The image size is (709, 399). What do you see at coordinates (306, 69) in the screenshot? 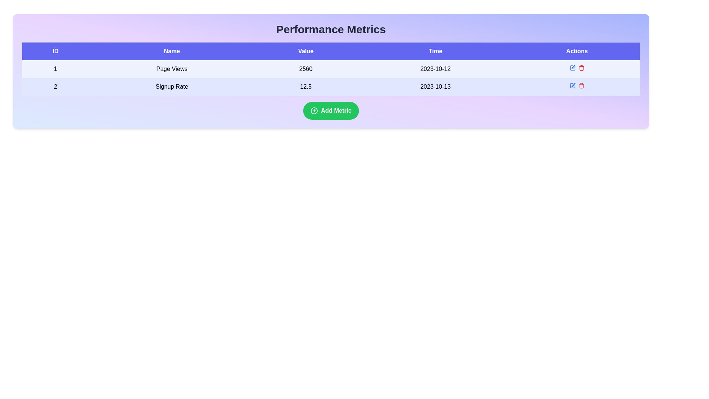
I see `the static text element displaying the number '2560' which is located in the third column of the first row within a table` at bounding box center [306, 69].